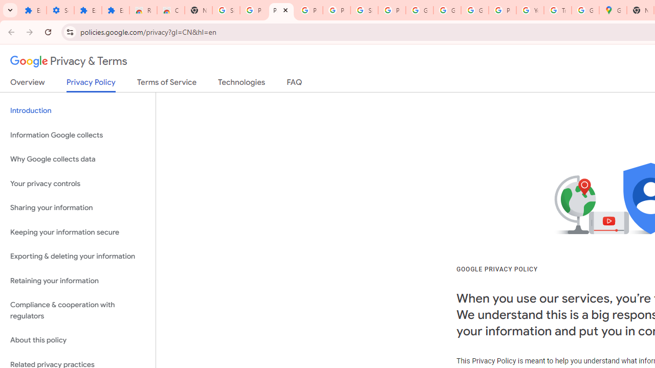 The image size is (655, 368). What do you see at coordinates (77, 256) in the screenshot?
I see `'Exporting & deleting your information'` at bounding box center [77, 256].